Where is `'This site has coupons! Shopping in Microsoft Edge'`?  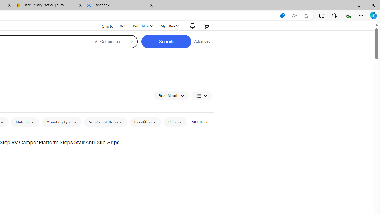 'This site has coupons! Shopping in Microsoft Edge' is located at coordinates (282, 15).